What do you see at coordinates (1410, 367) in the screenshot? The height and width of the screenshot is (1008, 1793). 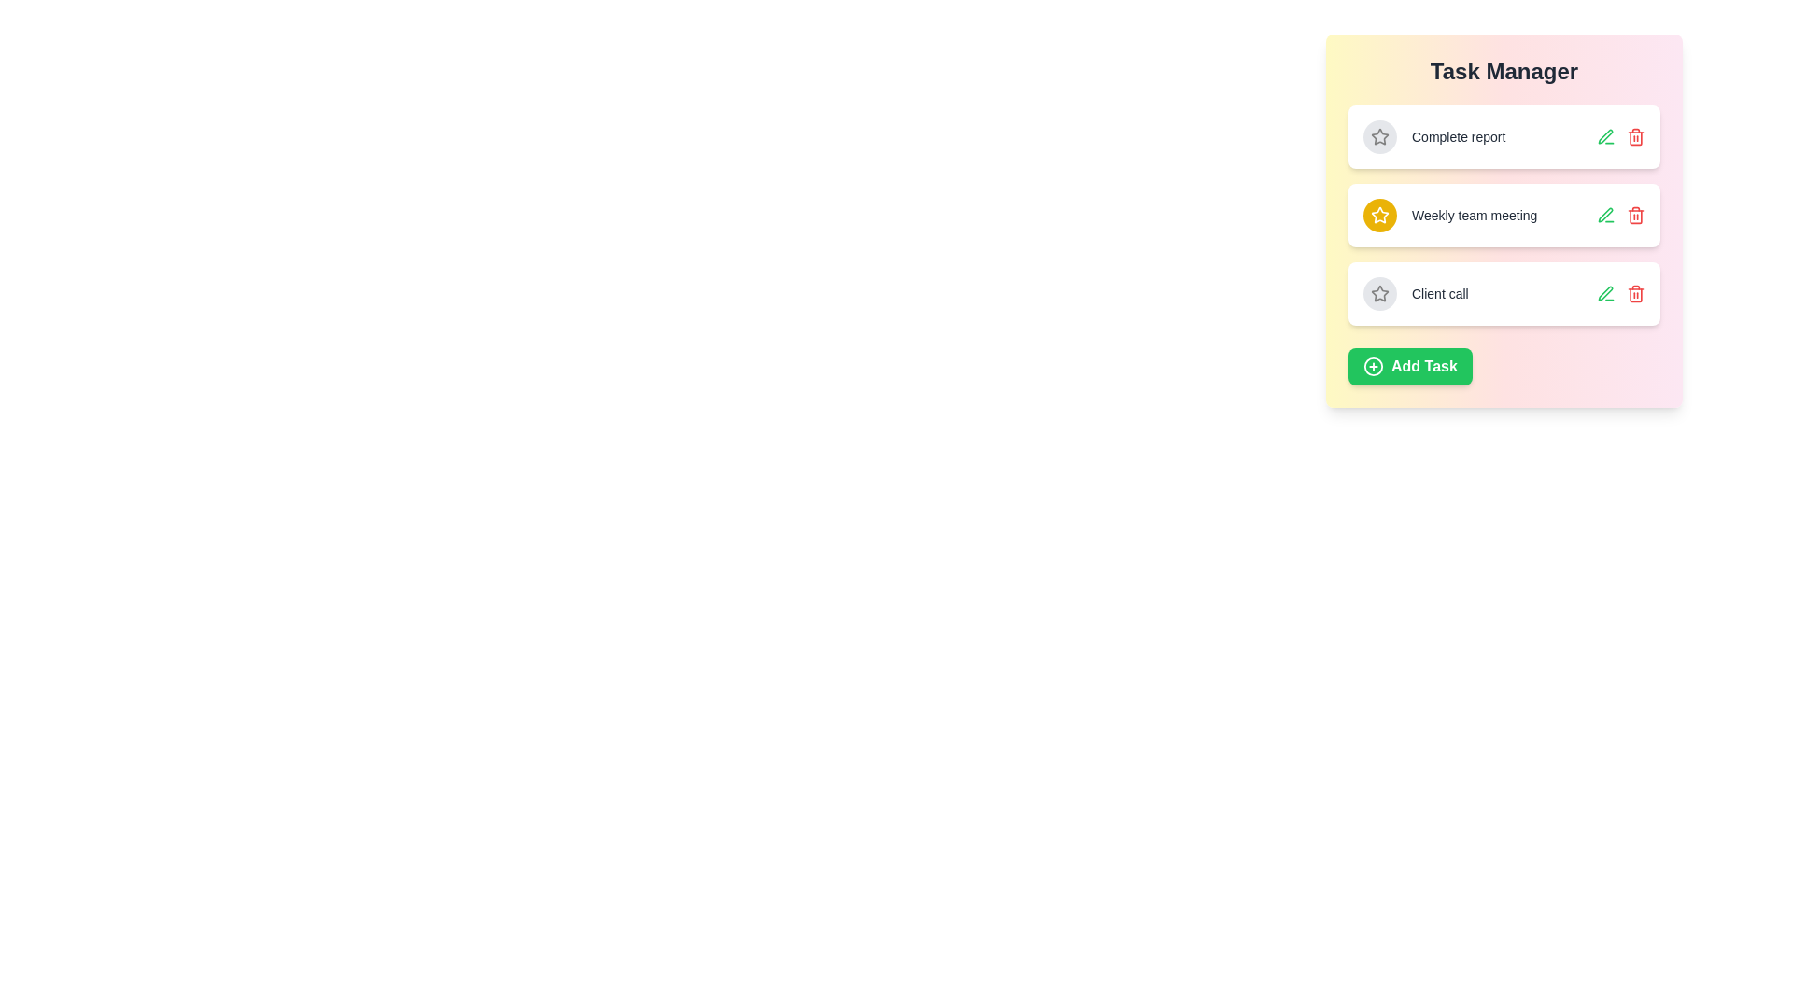 I see `'Add Task' button to add a new task` at bounding box center [1410, 367].